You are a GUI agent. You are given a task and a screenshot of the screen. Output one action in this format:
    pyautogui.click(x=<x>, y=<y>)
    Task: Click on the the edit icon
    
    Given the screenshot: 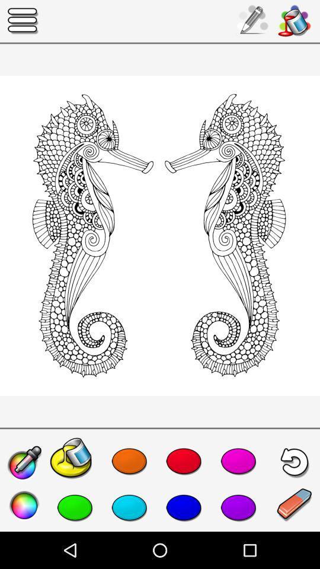 What is the action you would take?
    pyautogui.click(x=24, y=463)
    